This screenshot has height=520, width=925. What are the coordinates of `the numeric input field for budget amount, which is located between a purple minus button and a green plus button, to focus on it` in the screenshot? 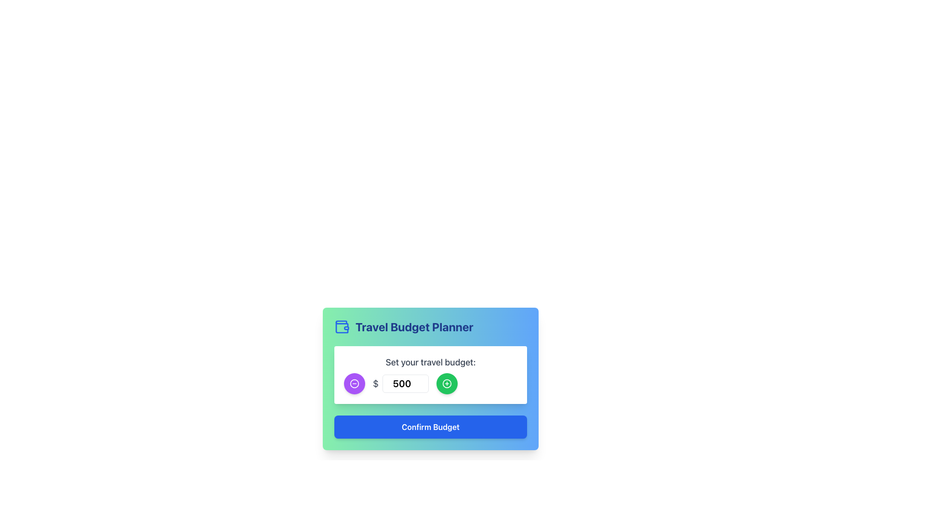 It's located at (400, 383).